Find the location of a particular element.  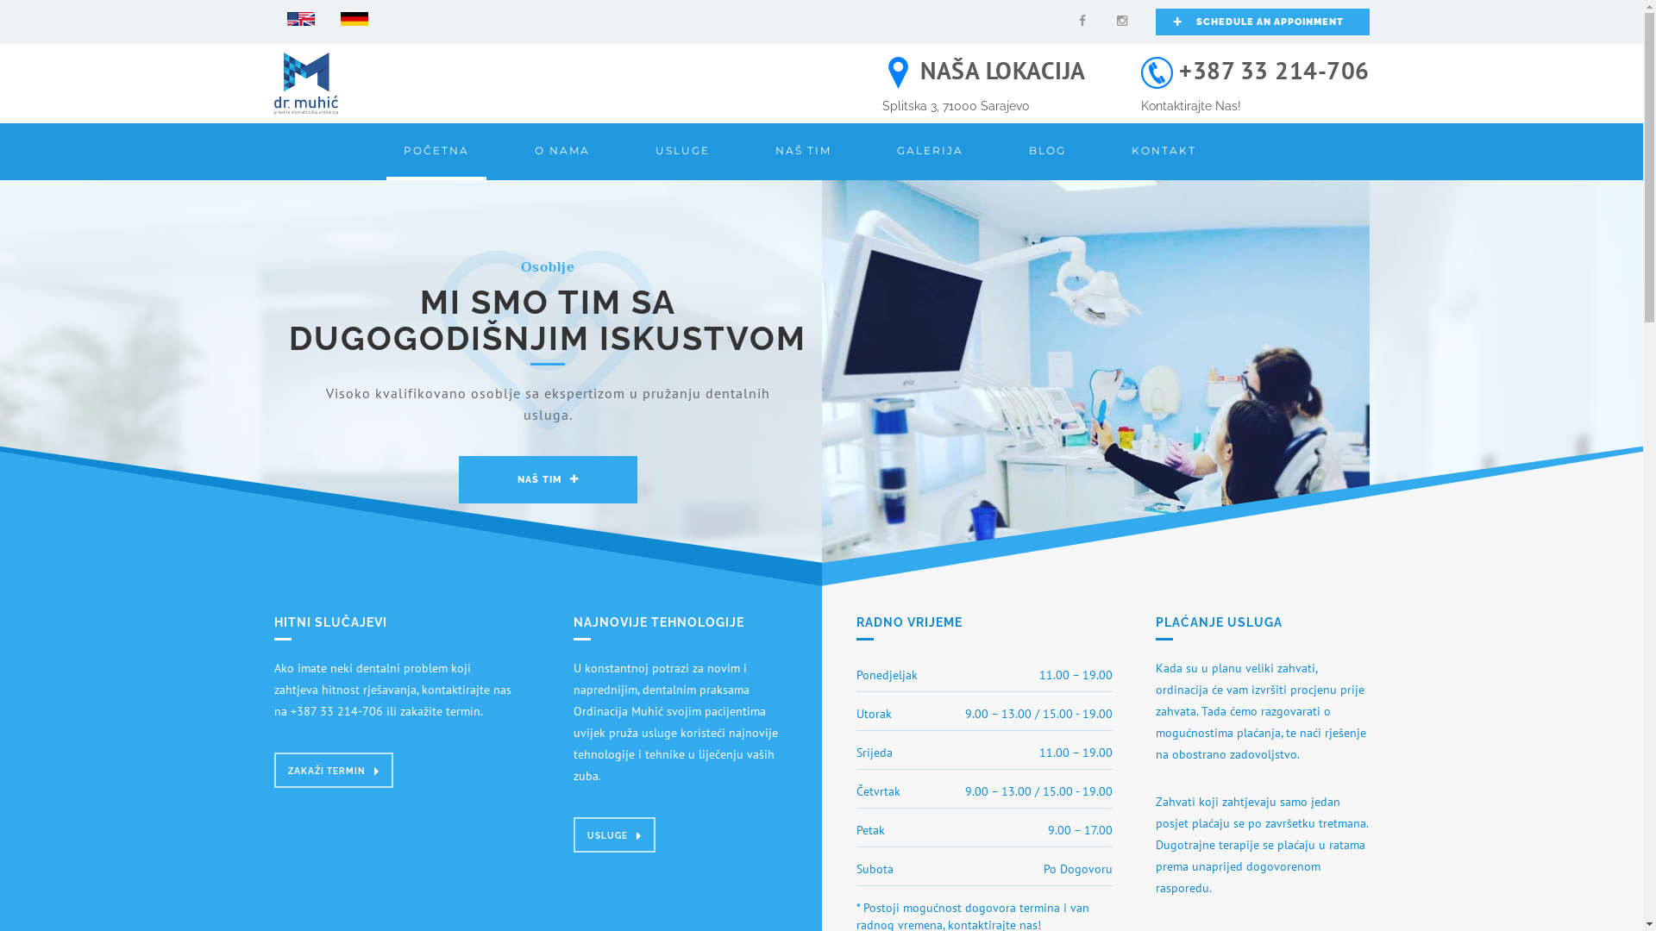

'Instagram' is located at coordinates (1121, 20).